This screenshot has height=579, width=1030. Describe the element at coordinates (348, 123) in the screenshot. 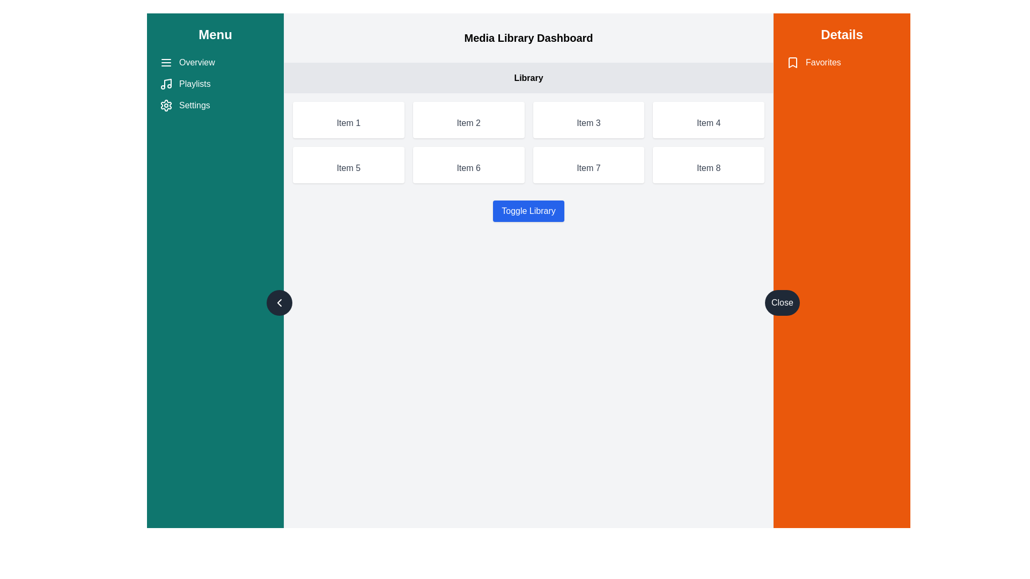

I see `text content of the 'Item 1' label, which is a light gray text centered in a rectangular box with a white background and rounded corners, located within the 'Library' grid layout` at that location.